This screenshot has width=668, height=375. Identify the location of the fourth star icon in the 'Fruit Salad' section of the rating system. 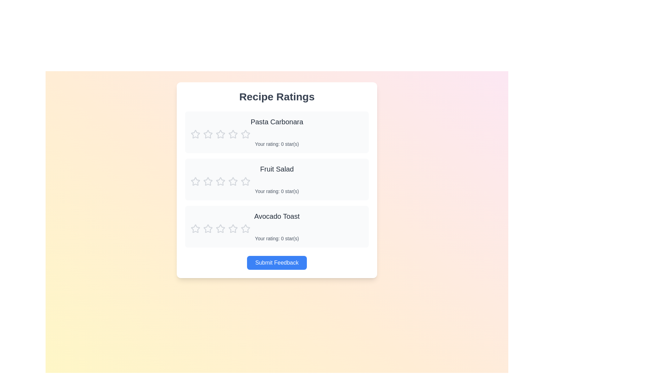
(220, 181).